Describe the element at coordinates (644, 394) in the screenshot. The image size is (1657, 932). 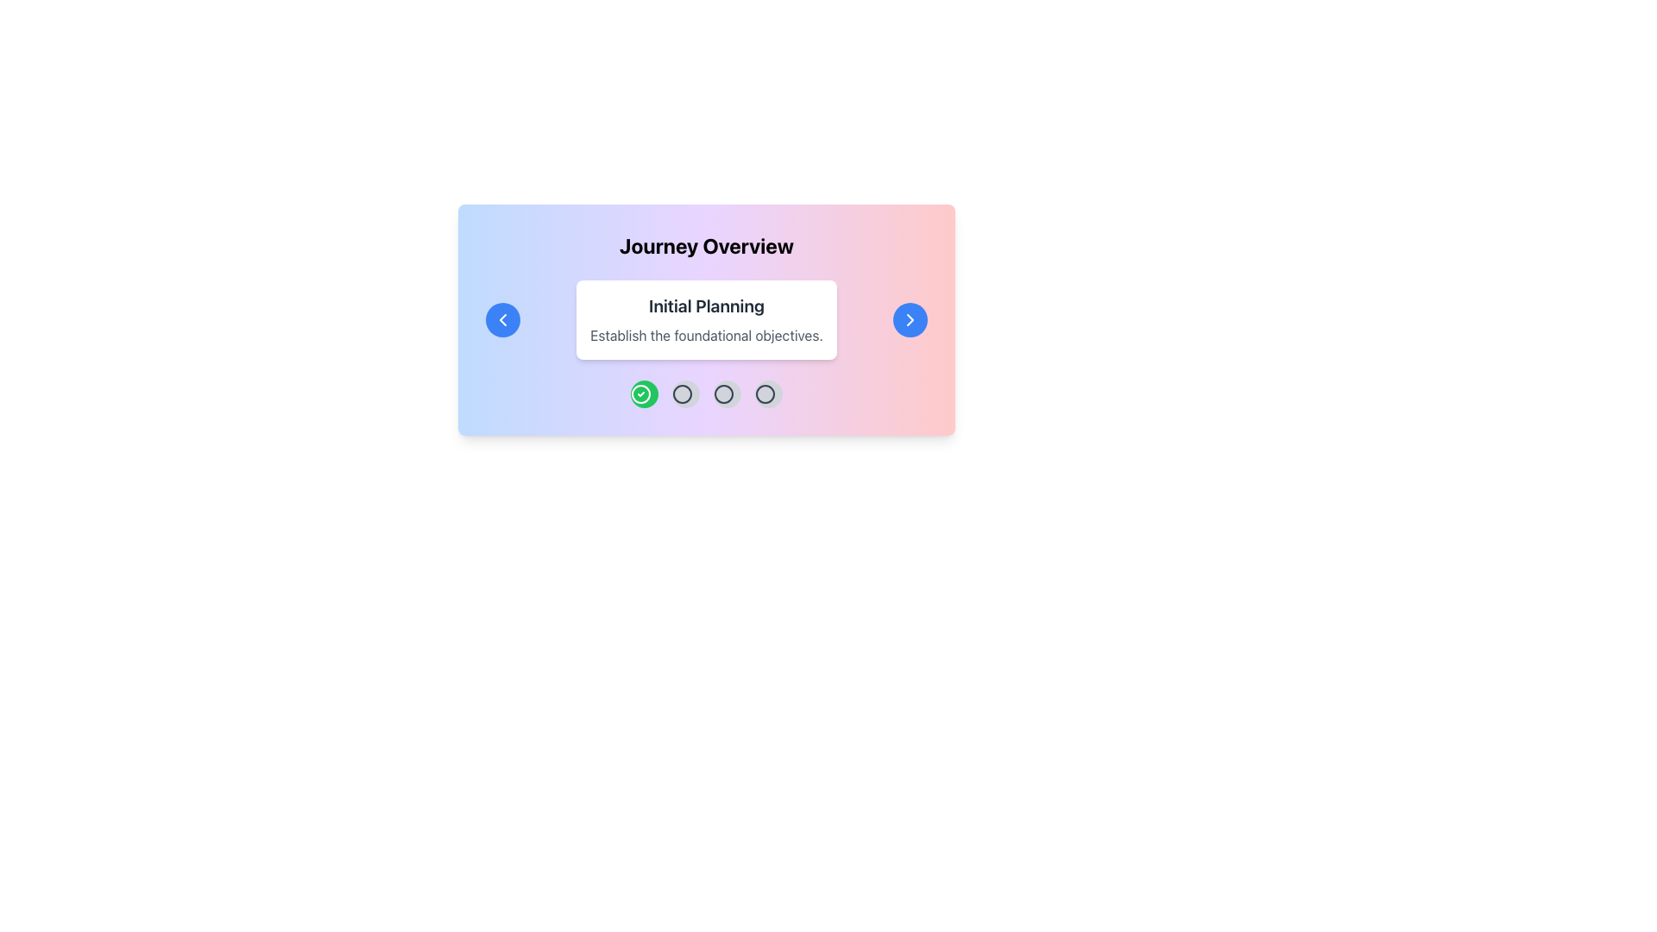
I see `the first interactive round button with an icon located below the 'Journey Overview' title` at that location.